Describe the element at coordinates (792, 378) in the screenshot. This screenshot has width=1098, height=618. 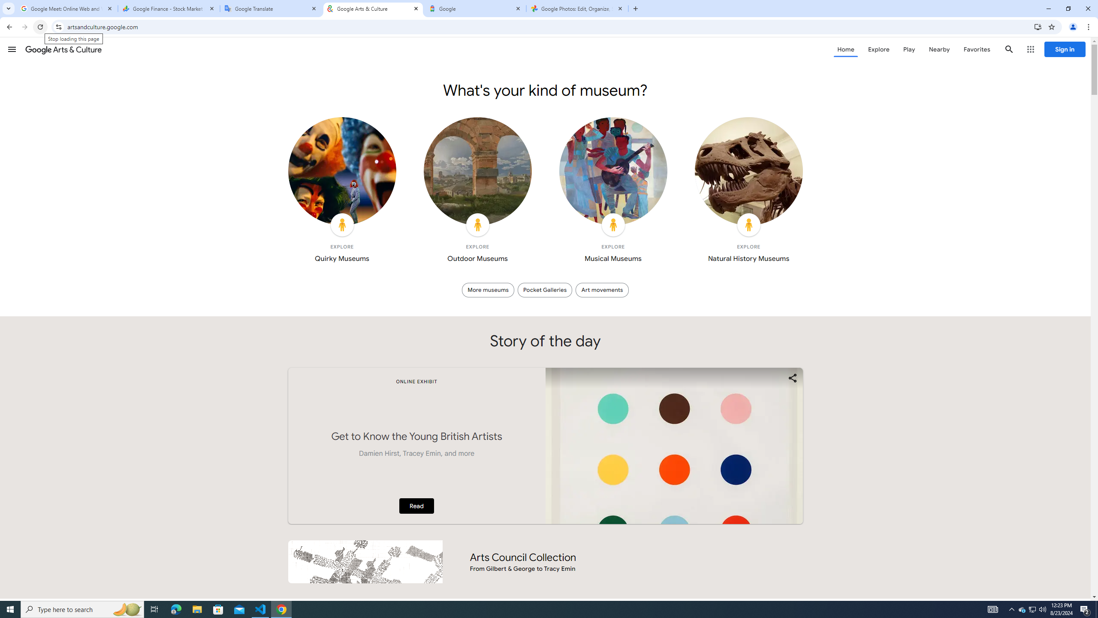
I see `'Share "Get to Know the Young British Artists"'` at that location.